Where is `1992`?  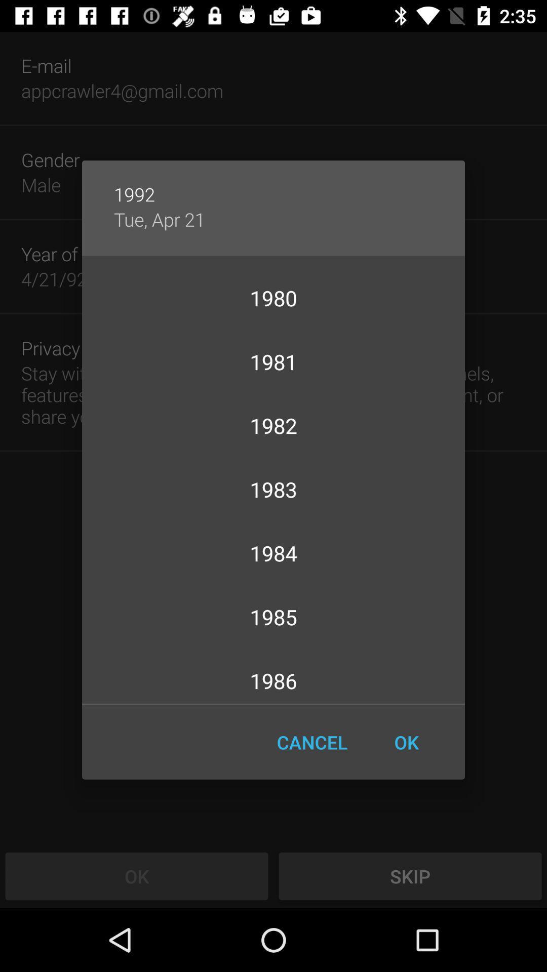 1992 is located at coordinates (273, 184).